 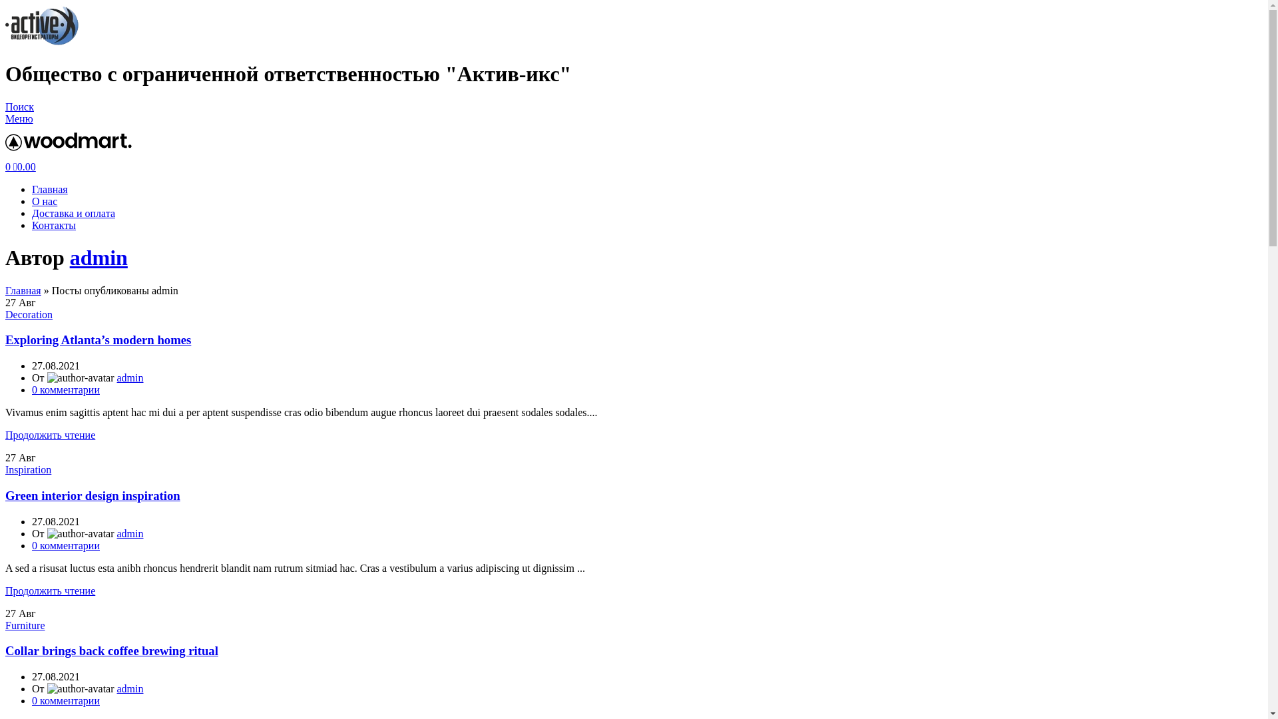 What do you see at coordinates (92, 495) in the screenshot?
I see `'Green interior design inspiration'` at bounding box center [92, 495].